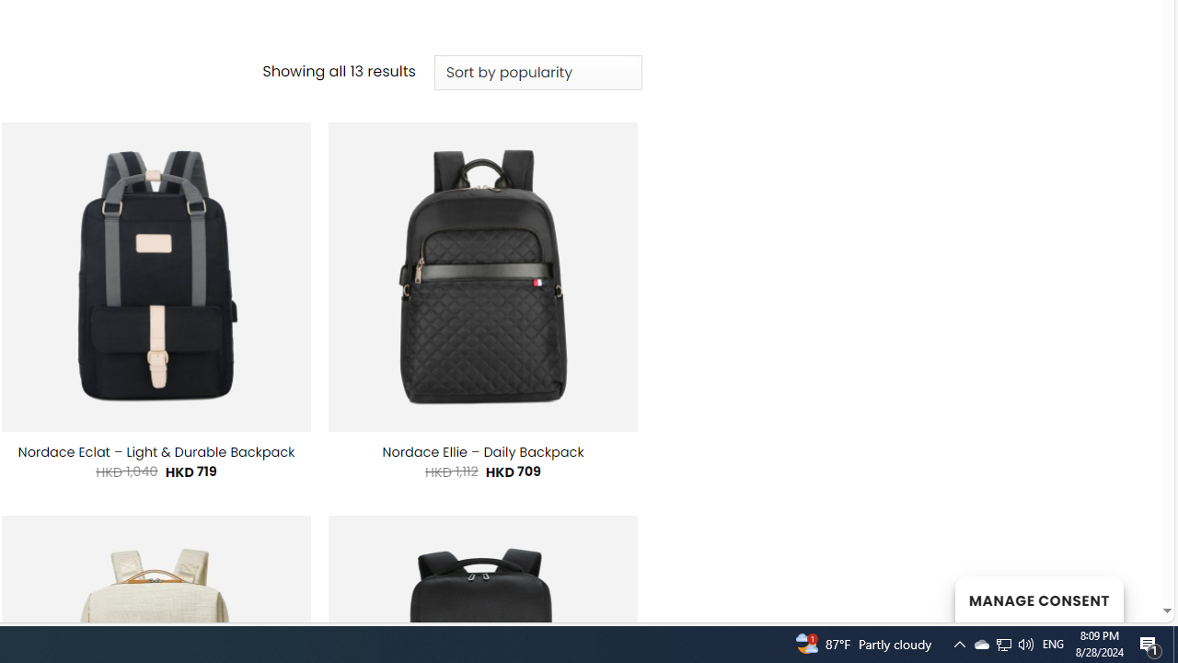  I want to click on 'Shop order', so click(537, 72).